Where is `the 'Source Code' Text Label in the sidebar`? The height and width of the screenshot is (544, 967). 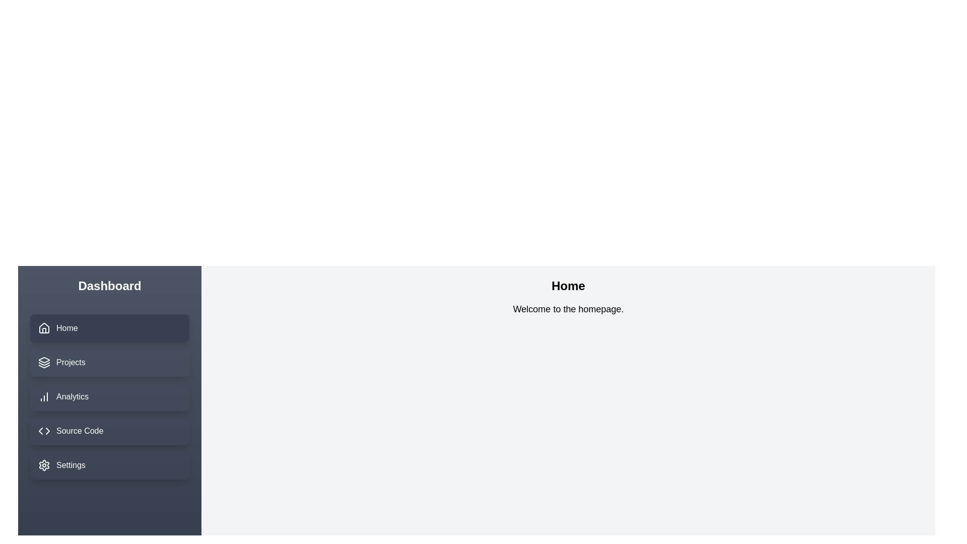 the 'Source Code' Text Label in the sidebar is located at coordinates (79, 431).